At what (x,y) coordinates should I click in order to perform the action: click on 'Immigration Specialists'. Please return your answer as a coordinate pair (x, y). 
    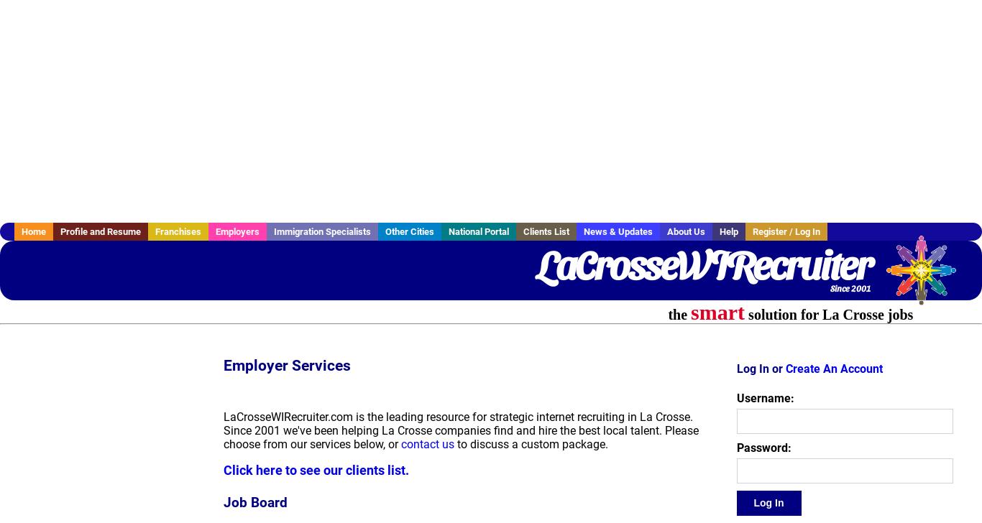
    Looking at the image, I should click on (321, 231).